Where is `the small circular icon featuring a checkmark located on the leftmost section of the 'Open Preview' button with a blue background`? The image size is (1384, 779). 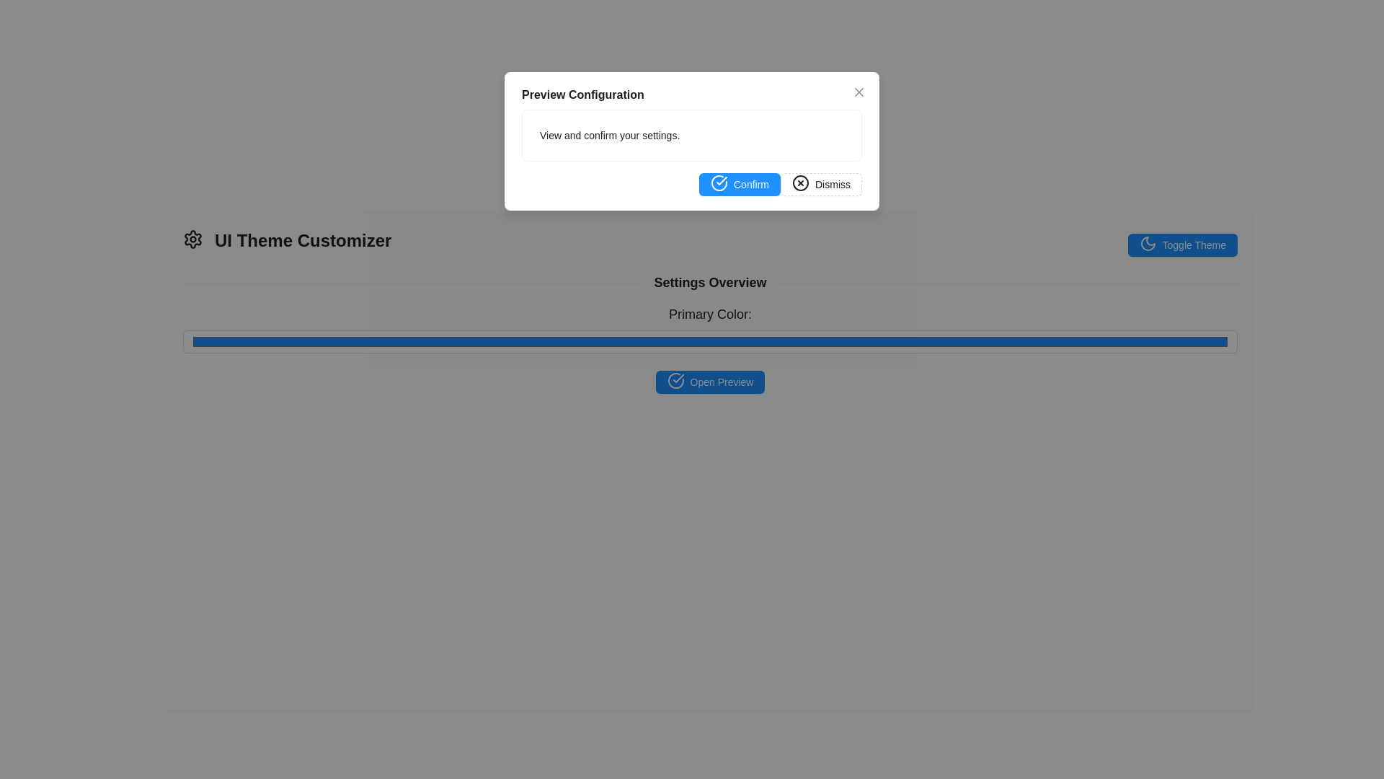 the small circular icon featuring a checkmark located on the leftmost section of the 'Open Preview' button with a blue background is located at coordinates (675, 381).